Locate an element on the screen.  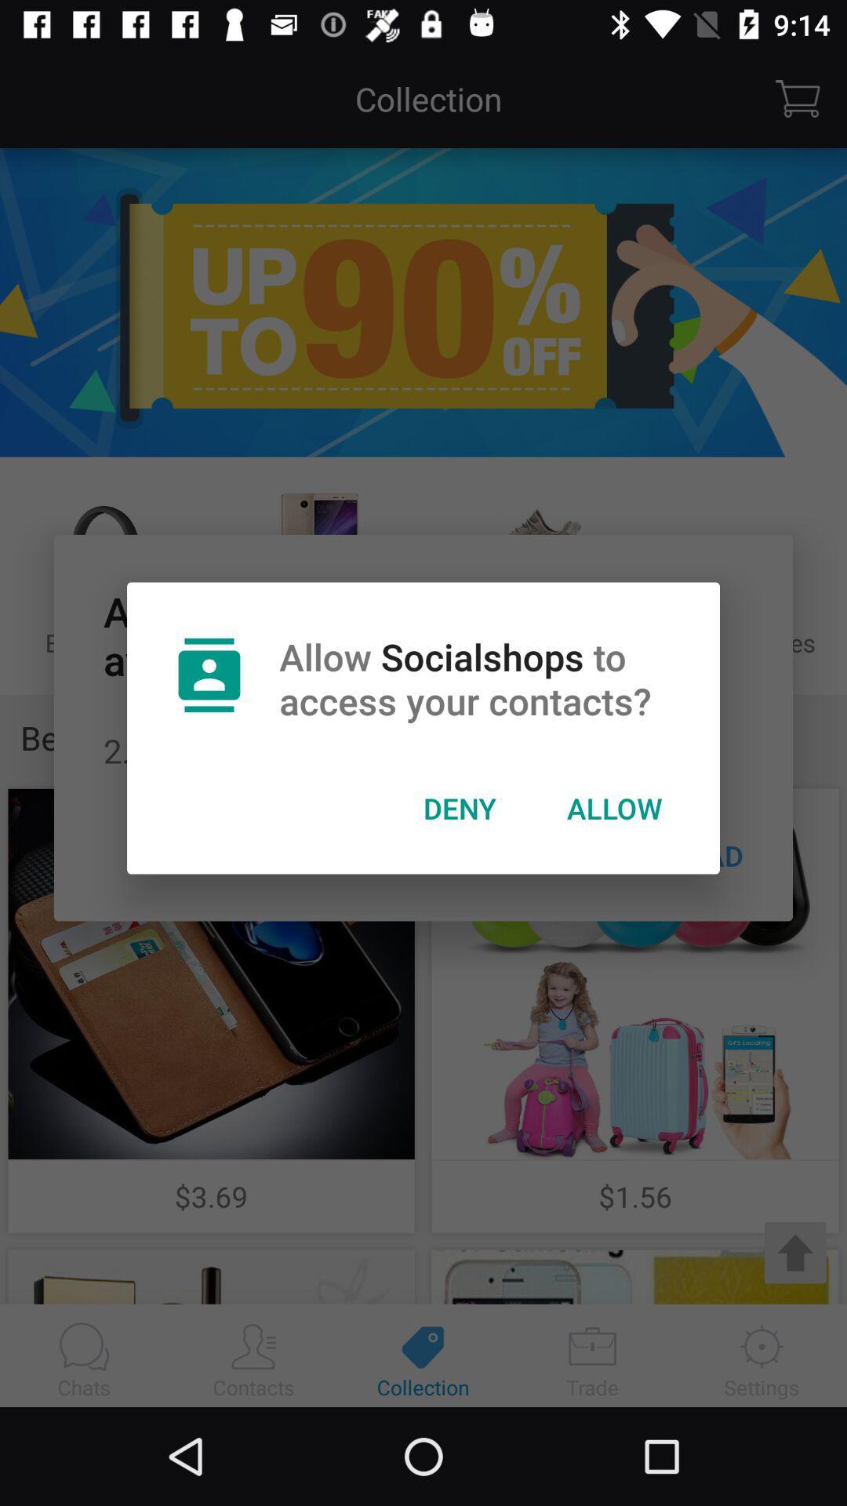
app below the allow socialshops to item is located at coordinates (459, 808).